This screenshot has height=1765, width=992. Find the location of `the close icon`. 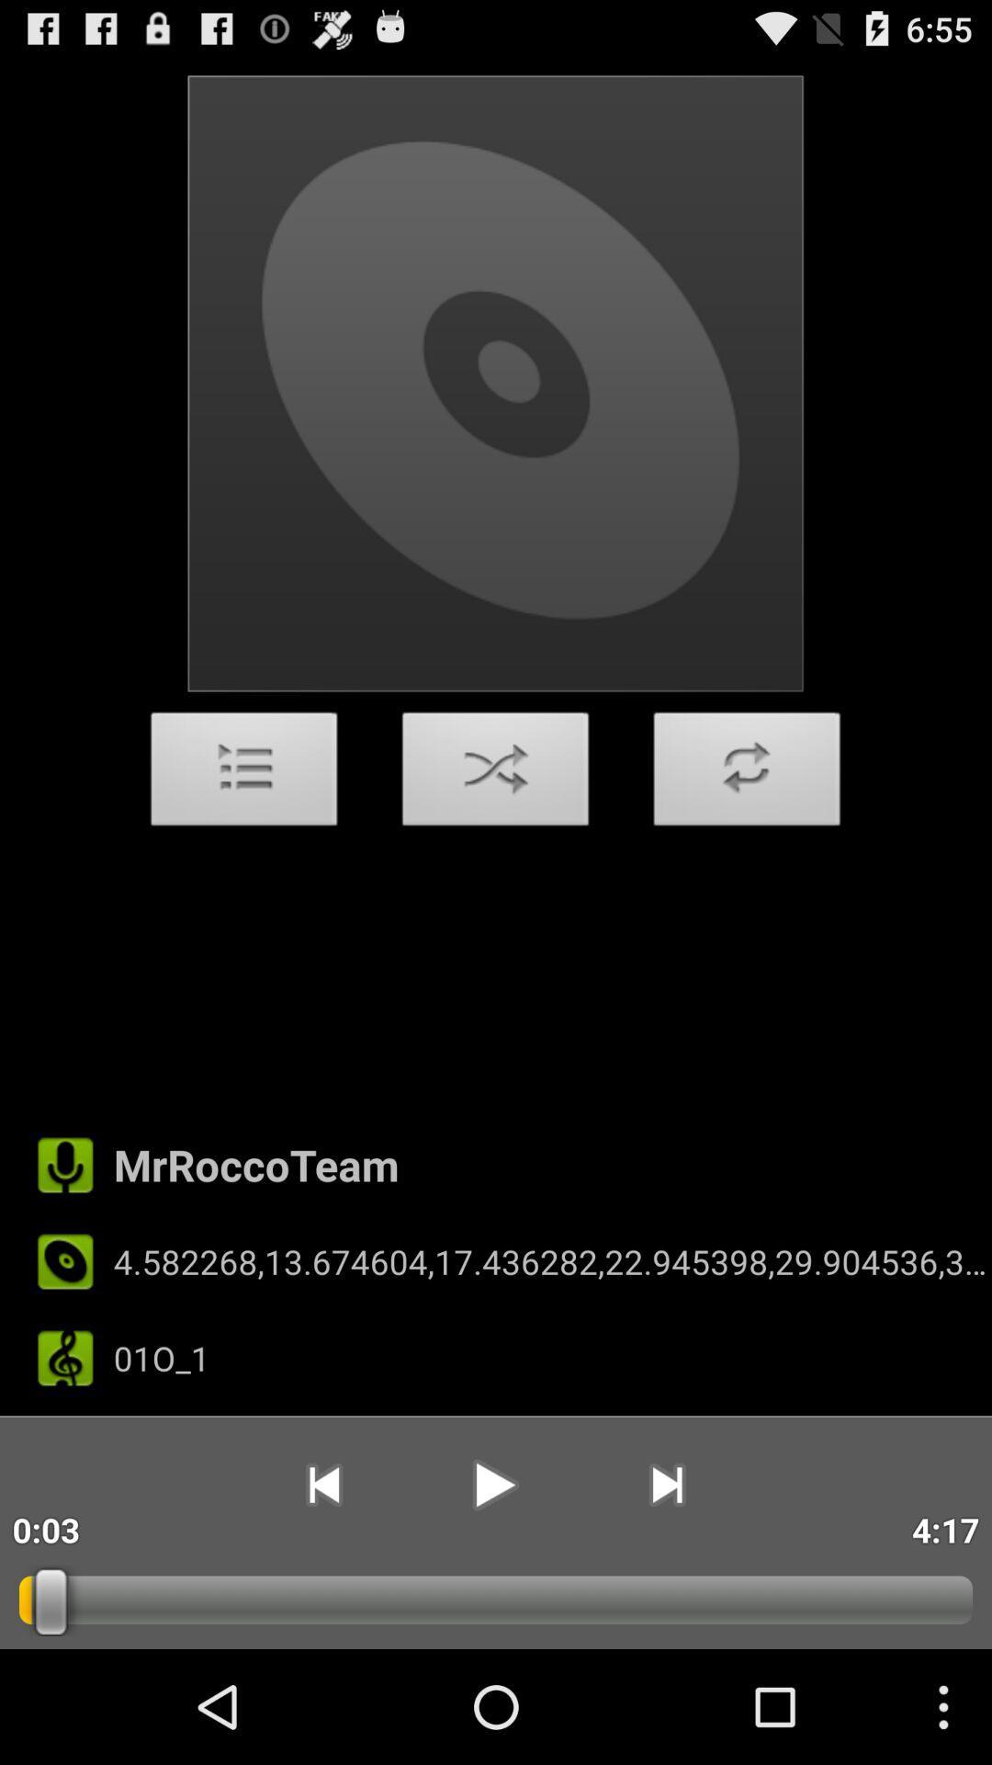

the close icon is located at coordinates (496, 827).